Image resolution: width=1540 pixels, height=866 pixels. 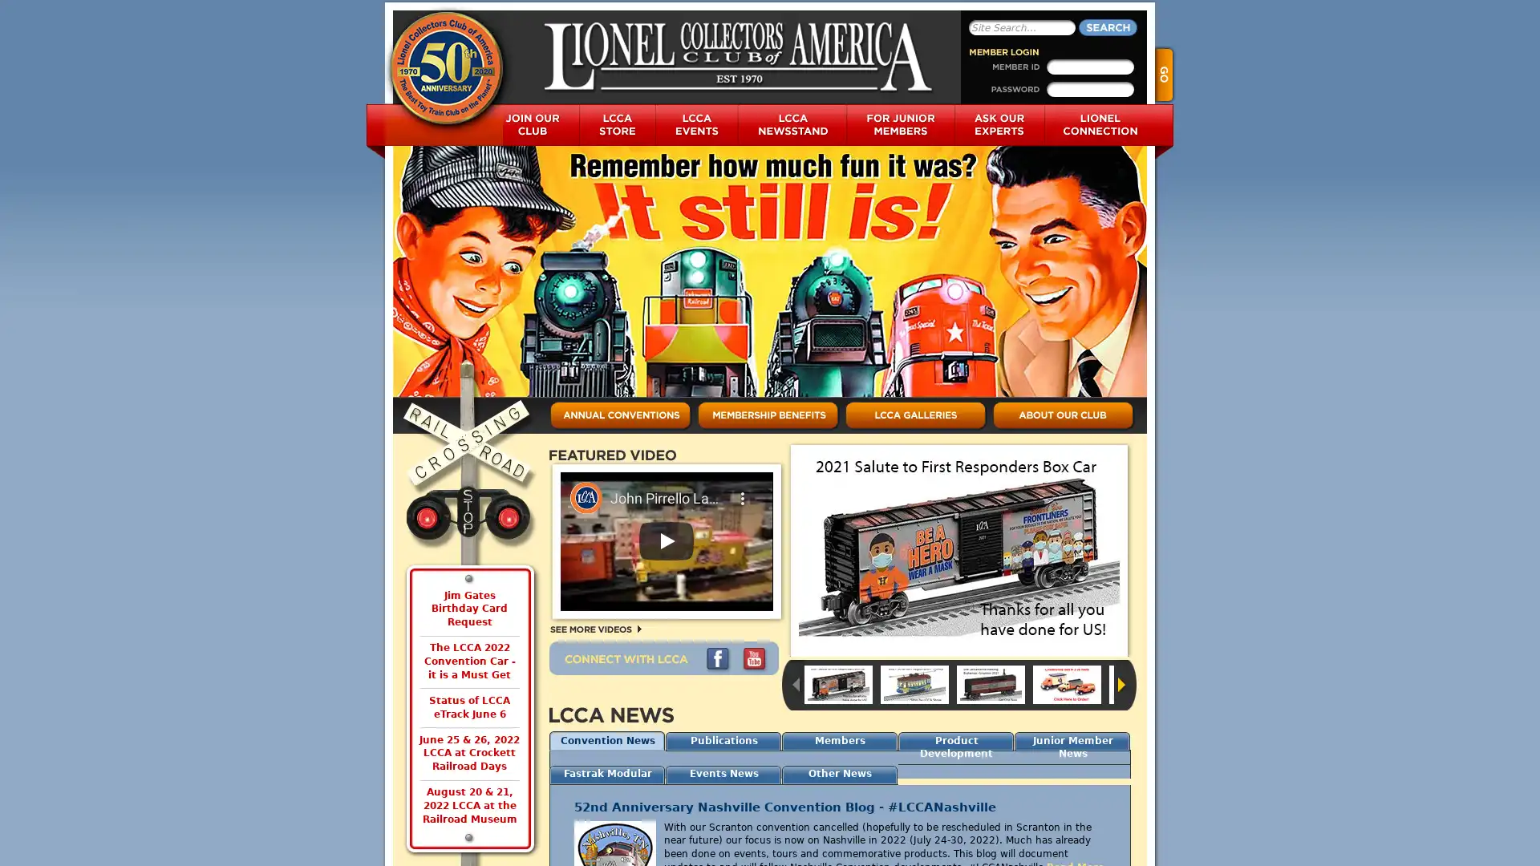 What do you see at coordinates (1165, 75) in the screenshot?
I see `Go` at bounding box center [1165, 75].